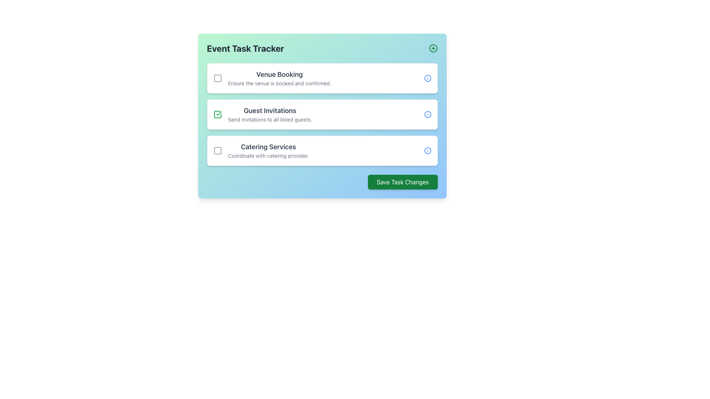 The width and height of the screenshot is (710, 399). Describe the element at coordinates (427, 78) in the screenshot. I see `the circular graphic element located in the upper right corner of the 'Venue Booking' entry in the task list` at that location.